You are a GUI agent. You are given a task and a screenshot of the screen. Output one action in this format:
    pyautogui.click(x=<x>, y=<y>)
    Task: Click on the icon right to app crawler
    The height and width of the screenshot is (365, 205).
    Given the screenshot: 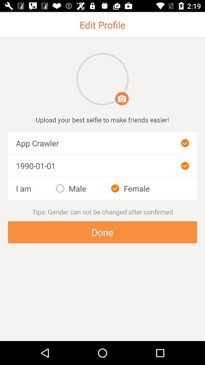 What is the action you would take?
    pyautogui.click(x=184, y=143)
    